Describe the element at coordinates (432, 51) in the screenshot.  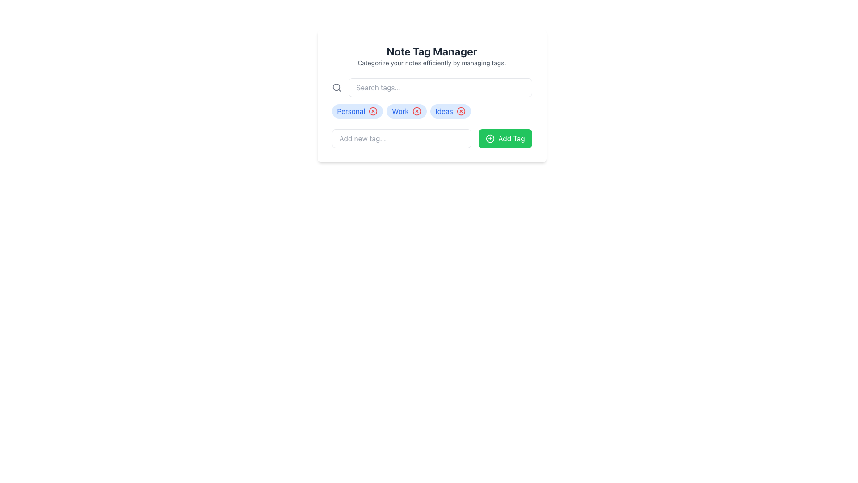
I see `the text label displaying 'Note Tag Manager', which is prominently placed at the top of the interface in a bold and large font` at that location.